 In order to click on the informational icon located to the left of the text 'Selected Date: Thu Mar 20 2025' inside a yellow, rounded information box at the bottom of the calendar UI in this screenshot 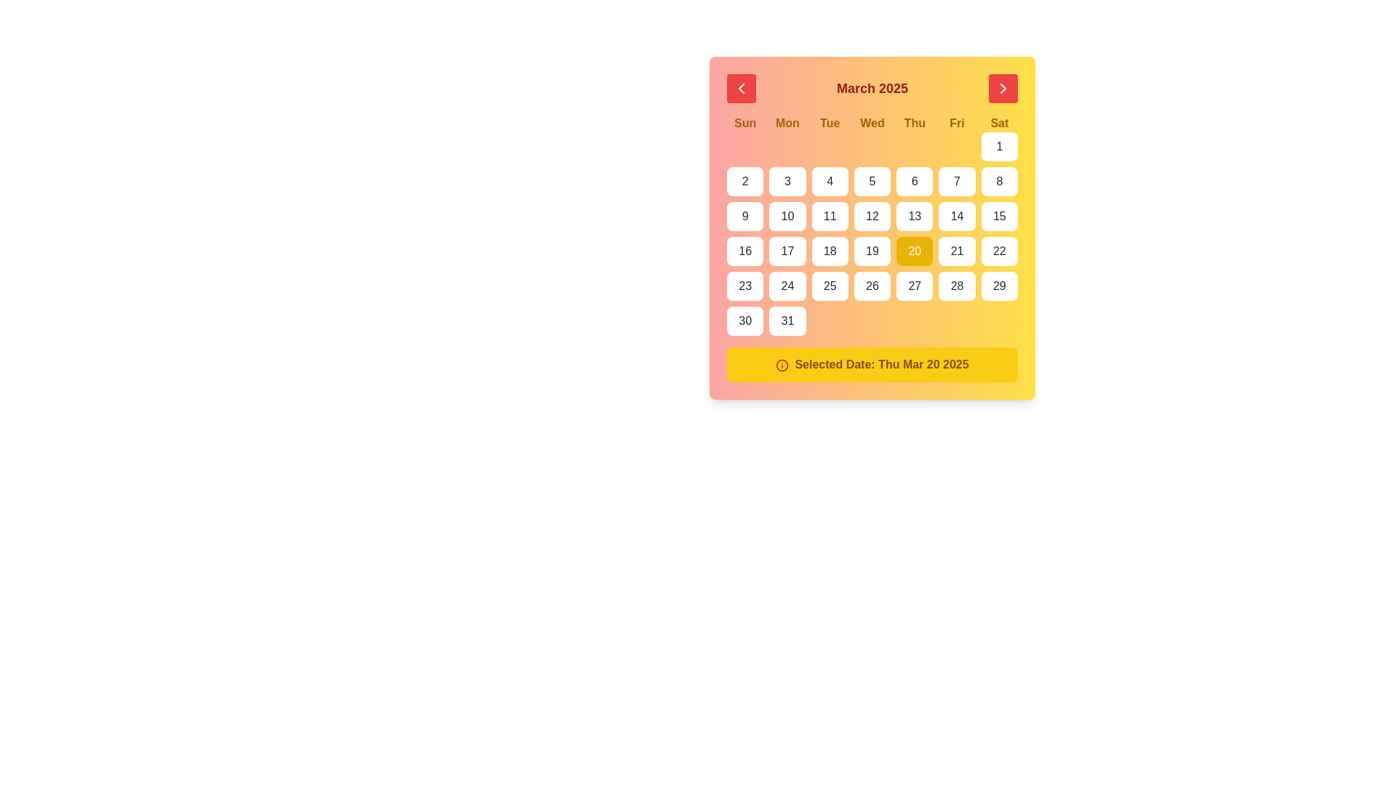, I will do `click(782, 364)`.